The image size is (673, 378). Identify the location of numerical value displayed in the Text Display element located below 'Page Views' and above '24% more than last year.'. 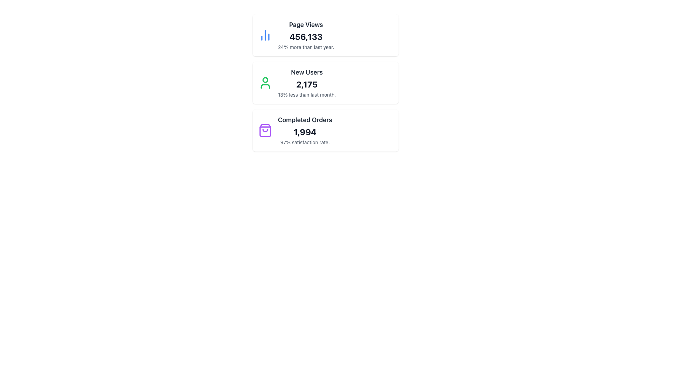
(306, 36).